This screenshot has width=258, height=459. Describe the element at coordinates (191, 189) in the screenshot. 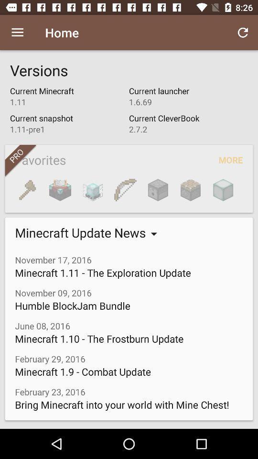

I see `icon next to the more icon` at that location.